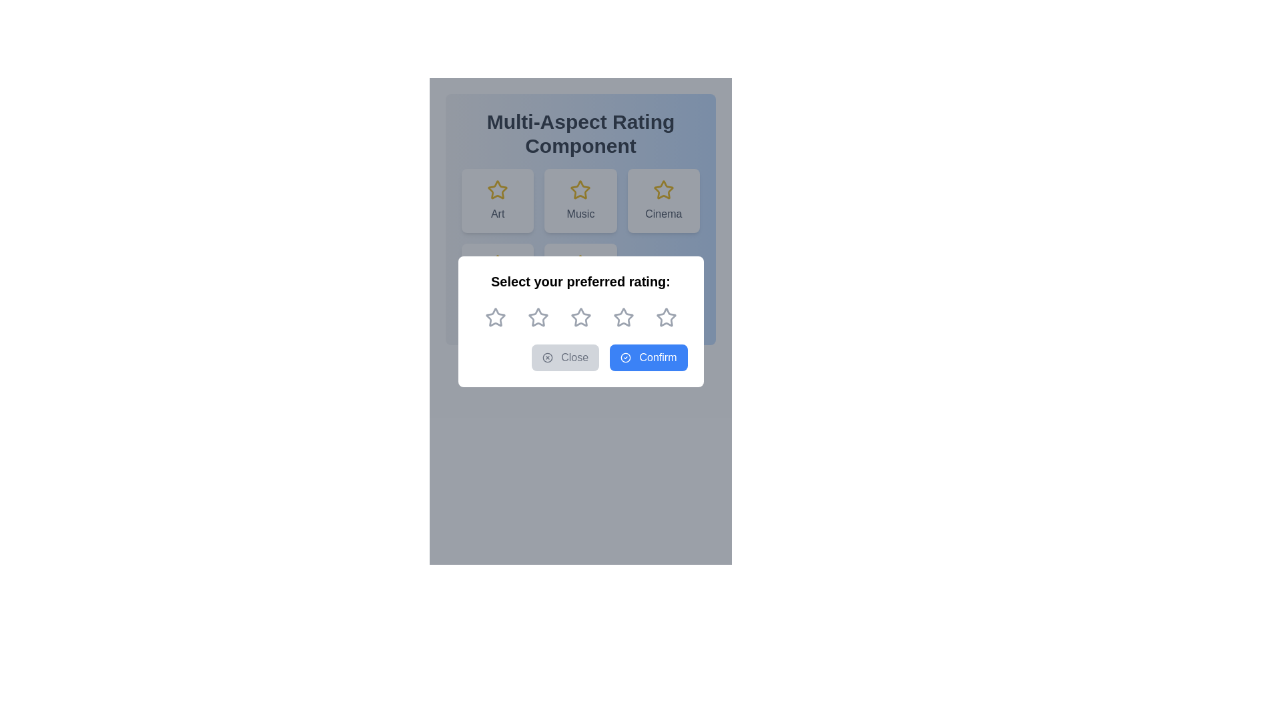 This screenshot has width=1281, height=721. Describe the element at coordinates (580, 190) in the screenshot. I see `the second star icon labeled 'Music' in the 'Multi-Aspect Rating Component'` at that location.